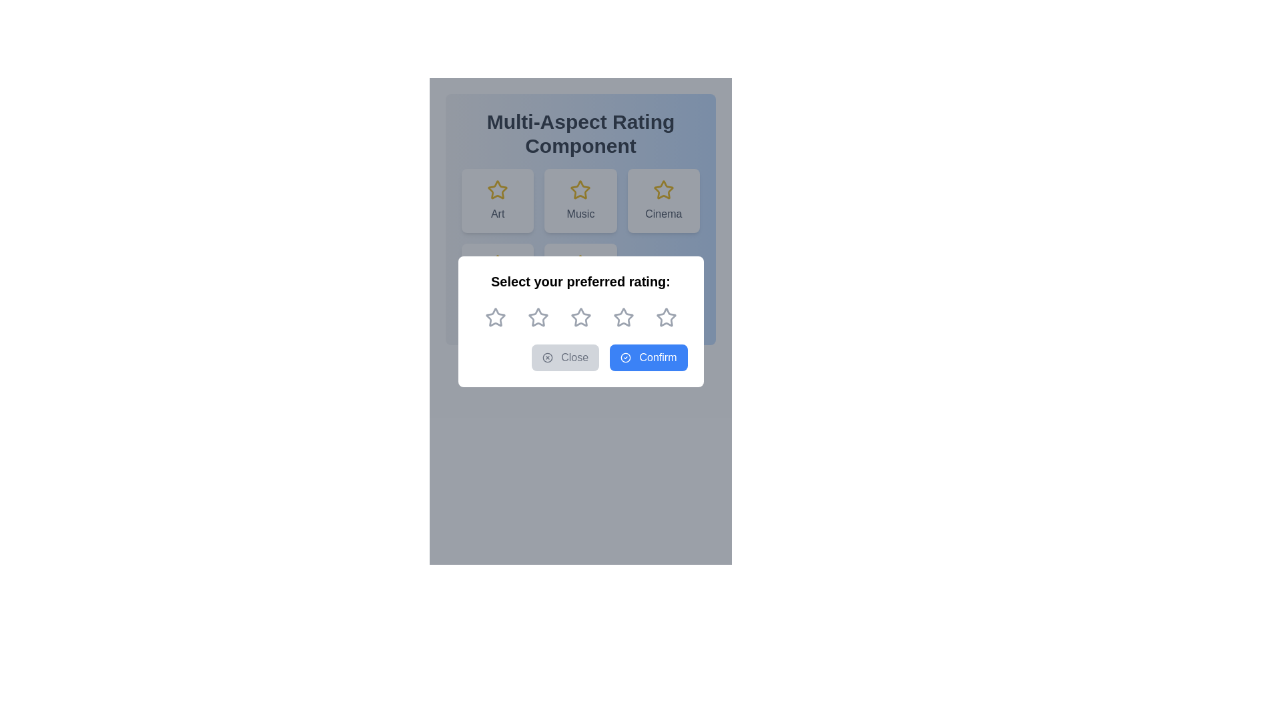 This screenshot has width=1281, height=721. Describe the element at coordinates (580, 190) in the screenshot. I see `the second star icon labeled 'Music' in the 'Multi-Aspect Rating Component'` at that location.